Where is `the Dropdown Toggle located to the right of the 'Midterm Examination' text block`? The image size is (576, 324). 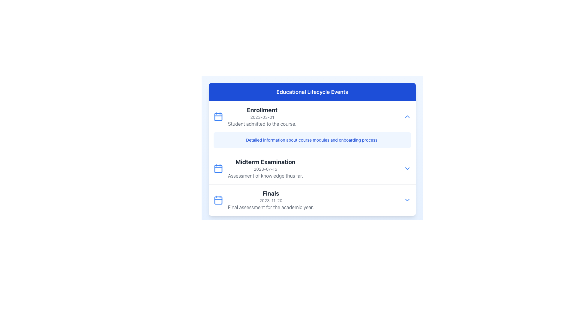
the Dropdown Toggle located to the right of the 'Midterm Examination' text block is located at coordinates (407, 169).